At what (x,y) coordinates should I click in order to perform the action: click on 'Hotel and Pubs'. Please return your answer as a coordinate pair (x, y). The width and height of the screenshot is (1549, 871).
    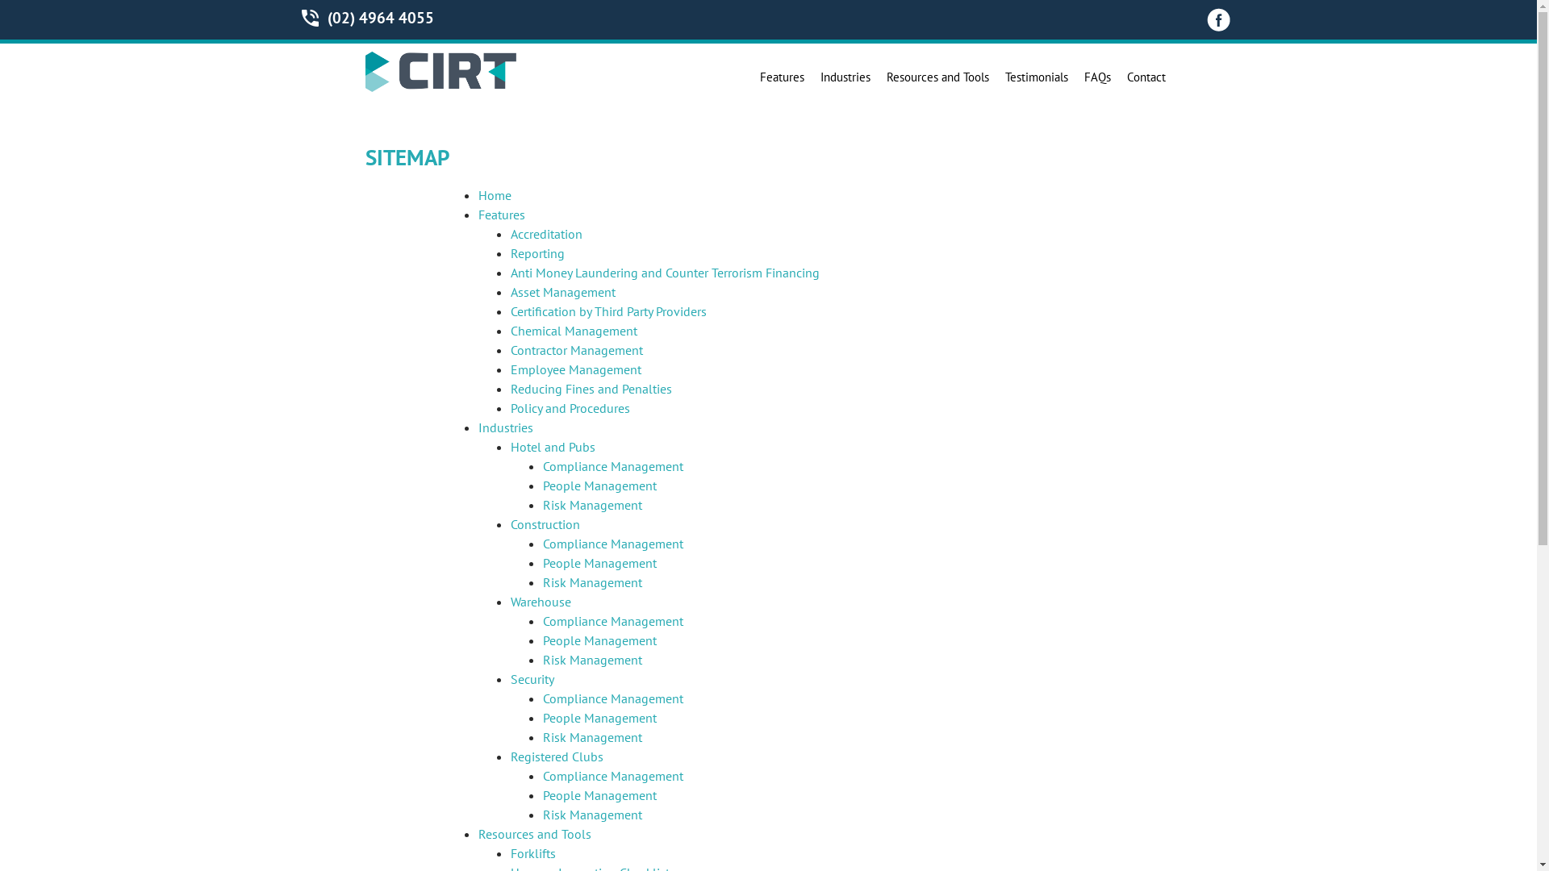
    Looking at the image, I should click on (552, 447).